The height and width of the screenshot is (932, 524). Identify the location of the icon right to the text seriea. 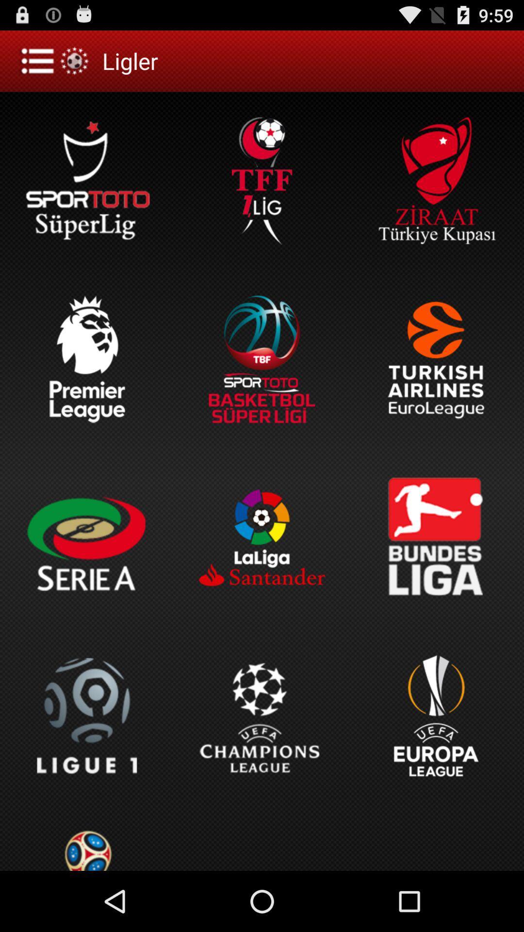
(262, 537).